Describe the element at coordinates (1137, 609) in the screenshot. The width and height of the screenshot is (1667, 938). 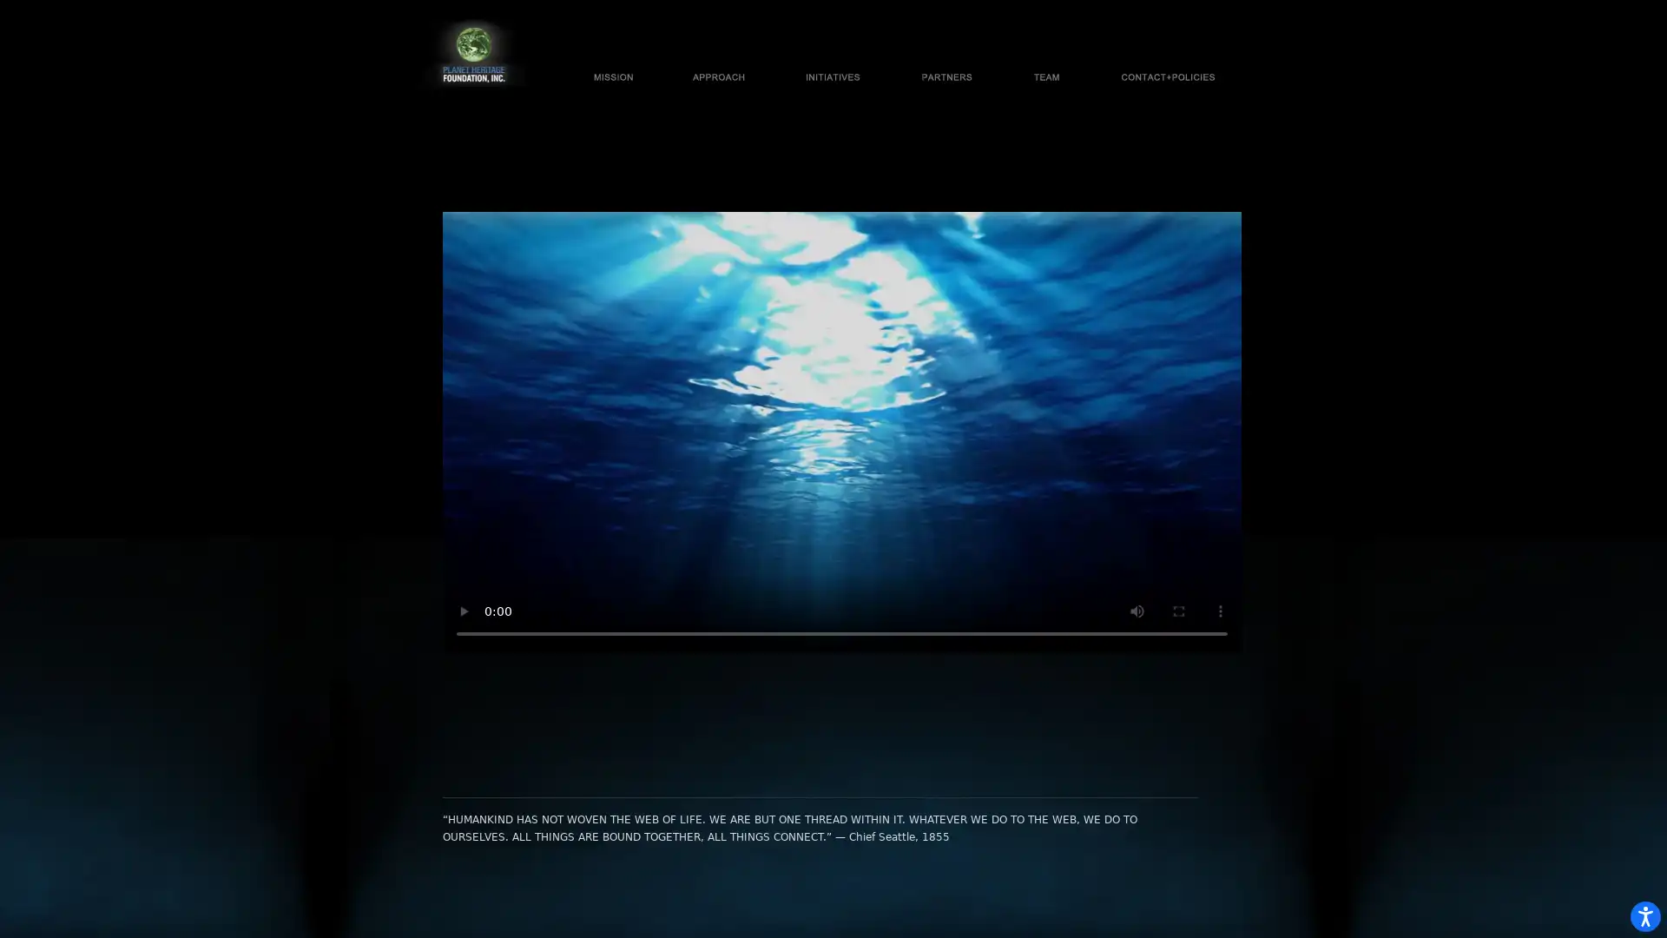
I see `mute` at that location.